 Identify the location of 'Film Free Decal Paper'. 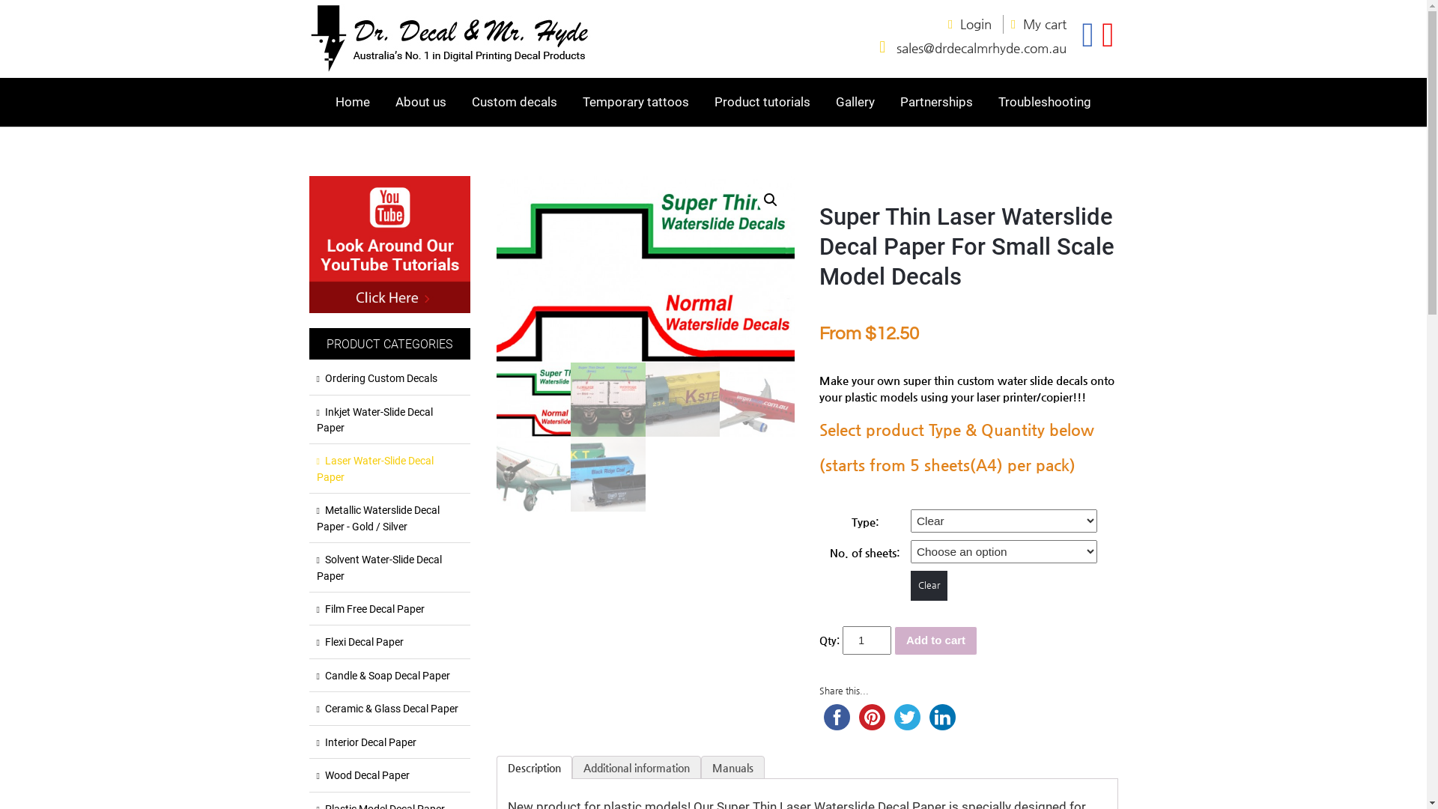
(389, 609).